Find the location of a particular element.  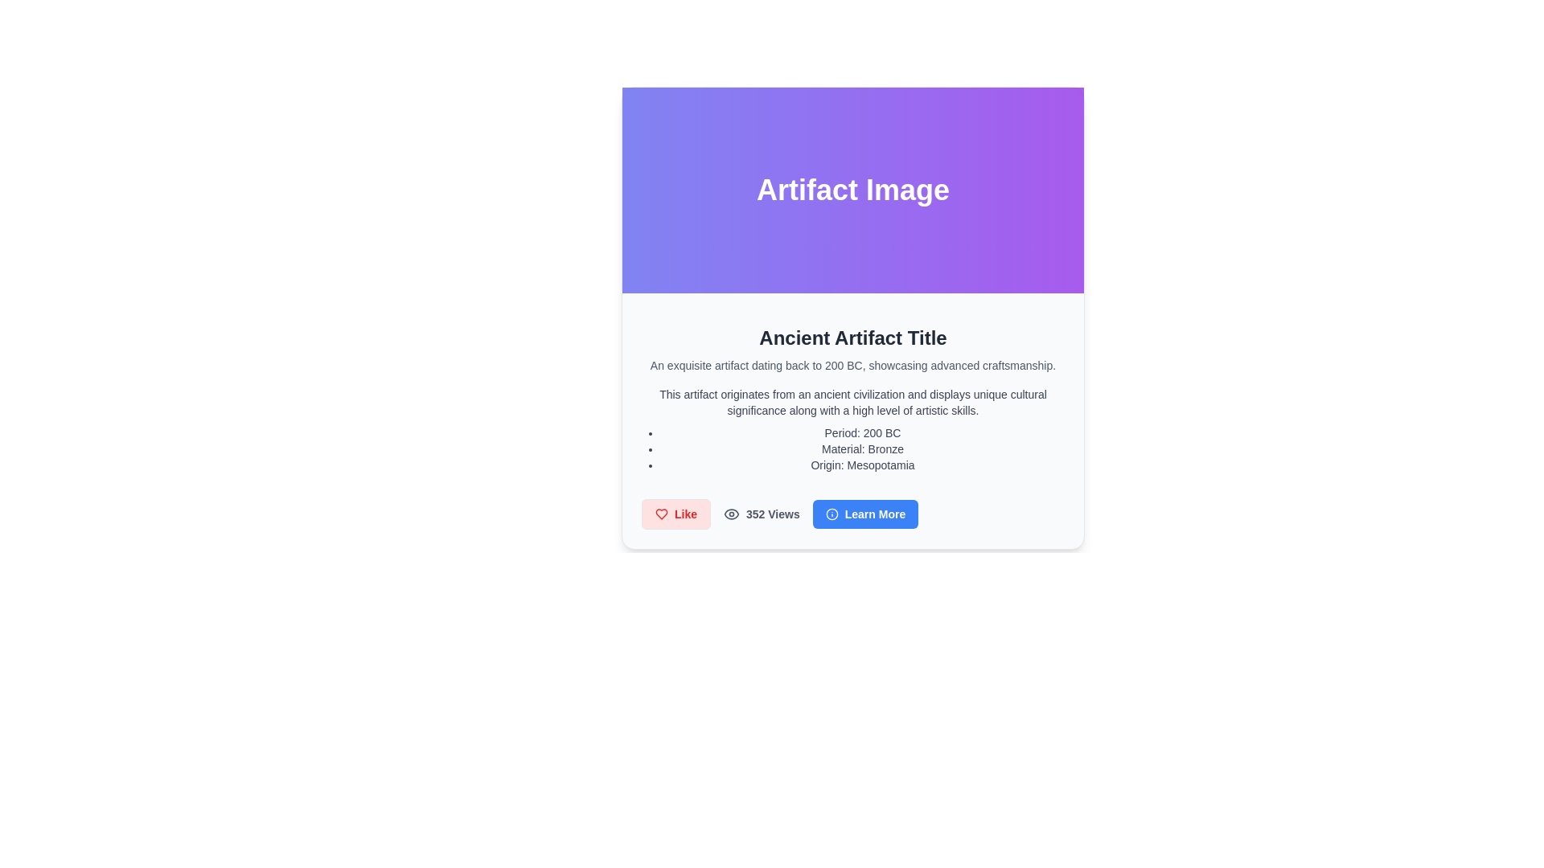

the text element reading 'Origin: Mesopotamia,' which is the third item in a bulleted list about an artifact, positioned below 'Material: Bronze.' is located at coordinates (862, 465).